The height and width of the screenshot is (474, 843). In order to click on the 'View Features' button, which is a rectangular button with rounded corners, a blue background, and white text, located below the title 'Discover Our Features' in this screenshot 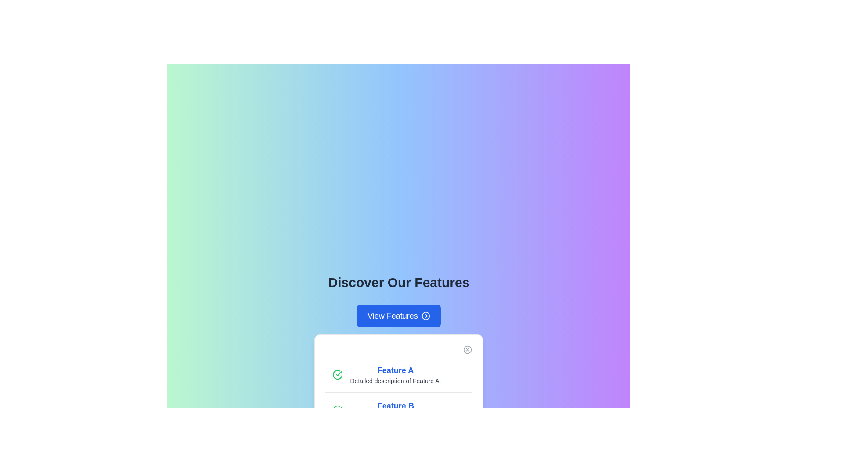, I will do `click(398, 316)`.